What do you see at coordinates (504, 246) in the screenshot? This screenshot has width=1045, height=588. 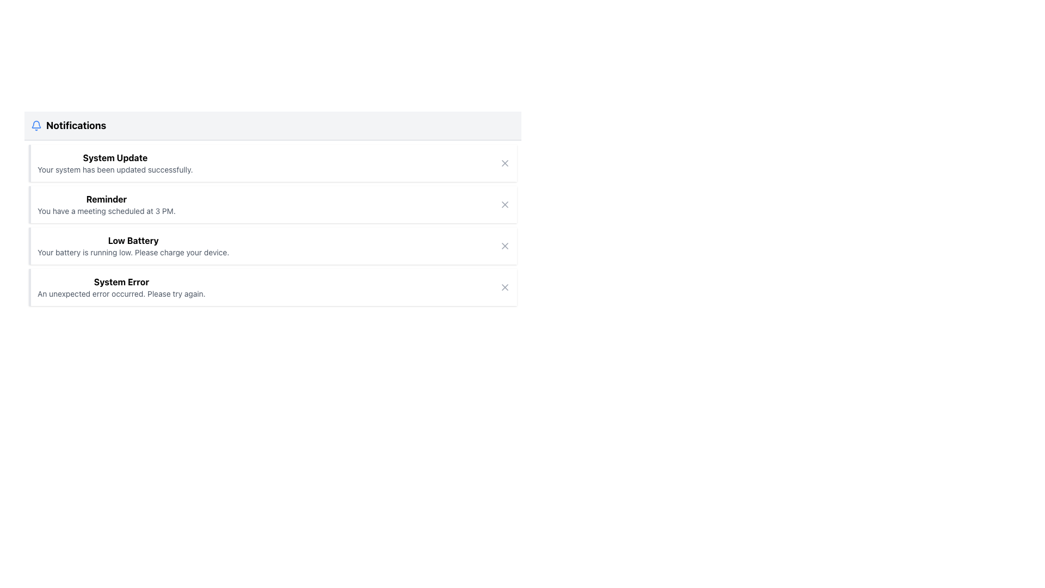 I see `the icon-based close button located at the top-right corner of the 'Low Battery' notification to observe potential hover effects` at bounding box center [504, 246].